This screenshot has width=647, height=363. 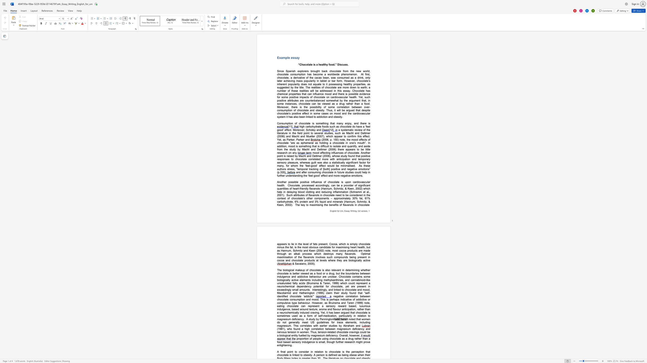 What do you see at coordinates (342, 182) in the screenshot?
I see `the 4th character "s" in the text` at bounding box center [342, 182].